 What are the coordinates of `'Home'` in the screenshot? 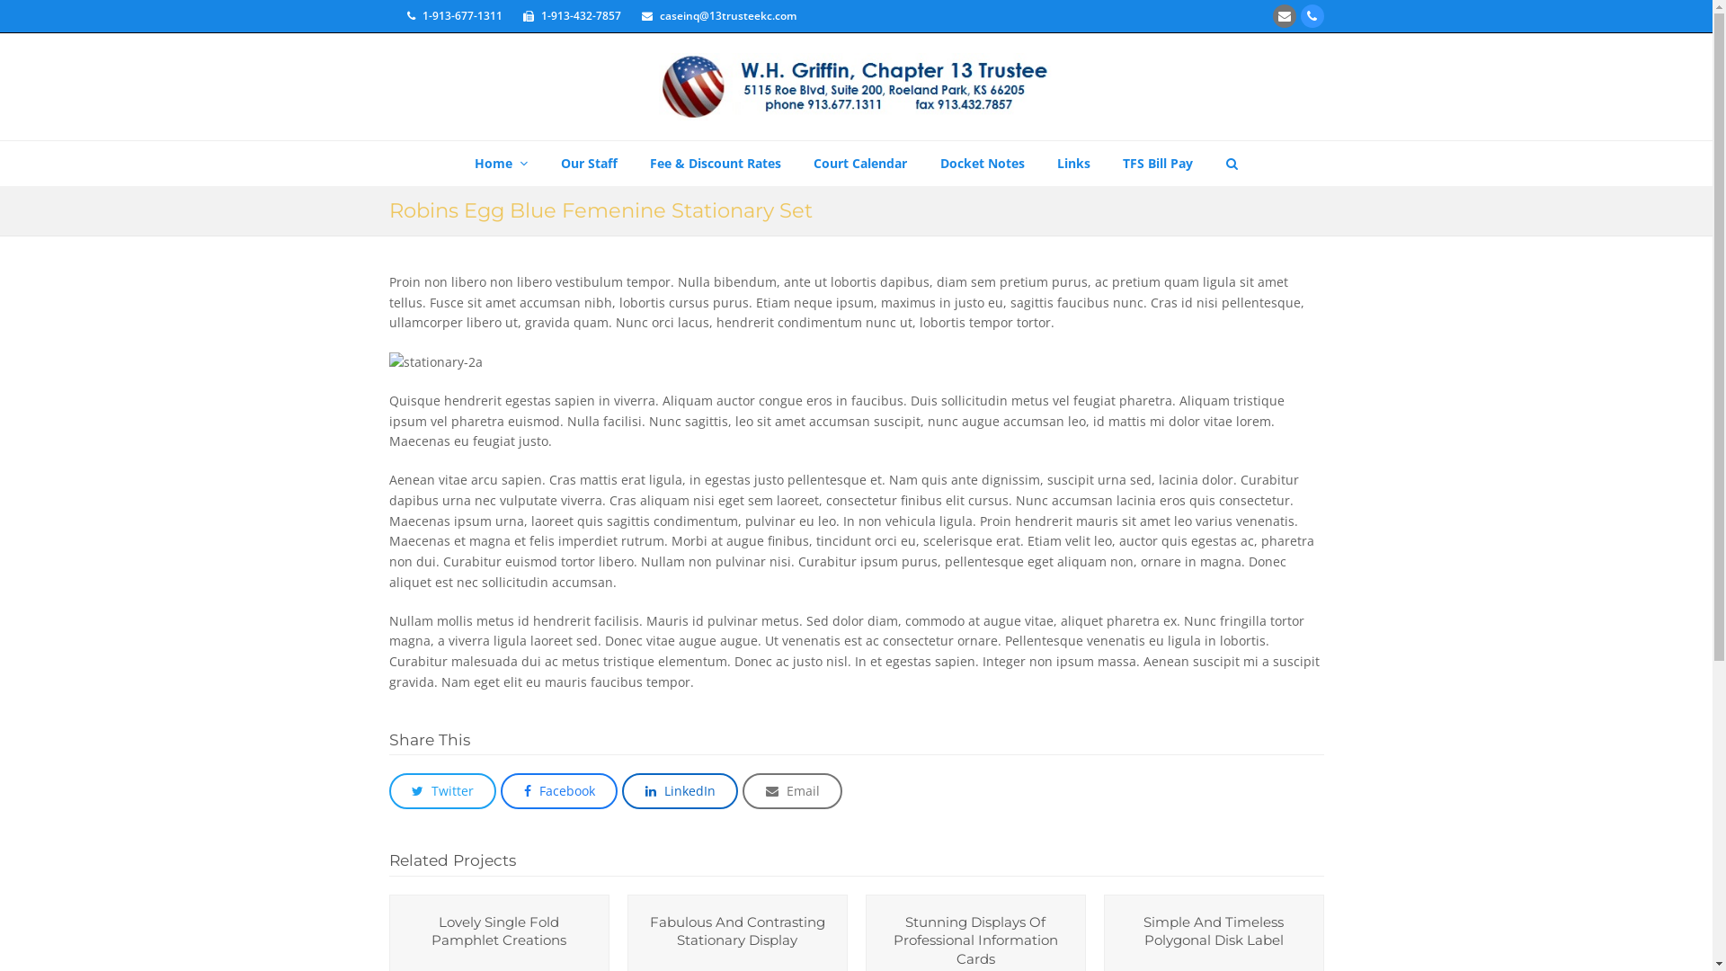 It's located at (501, 163).